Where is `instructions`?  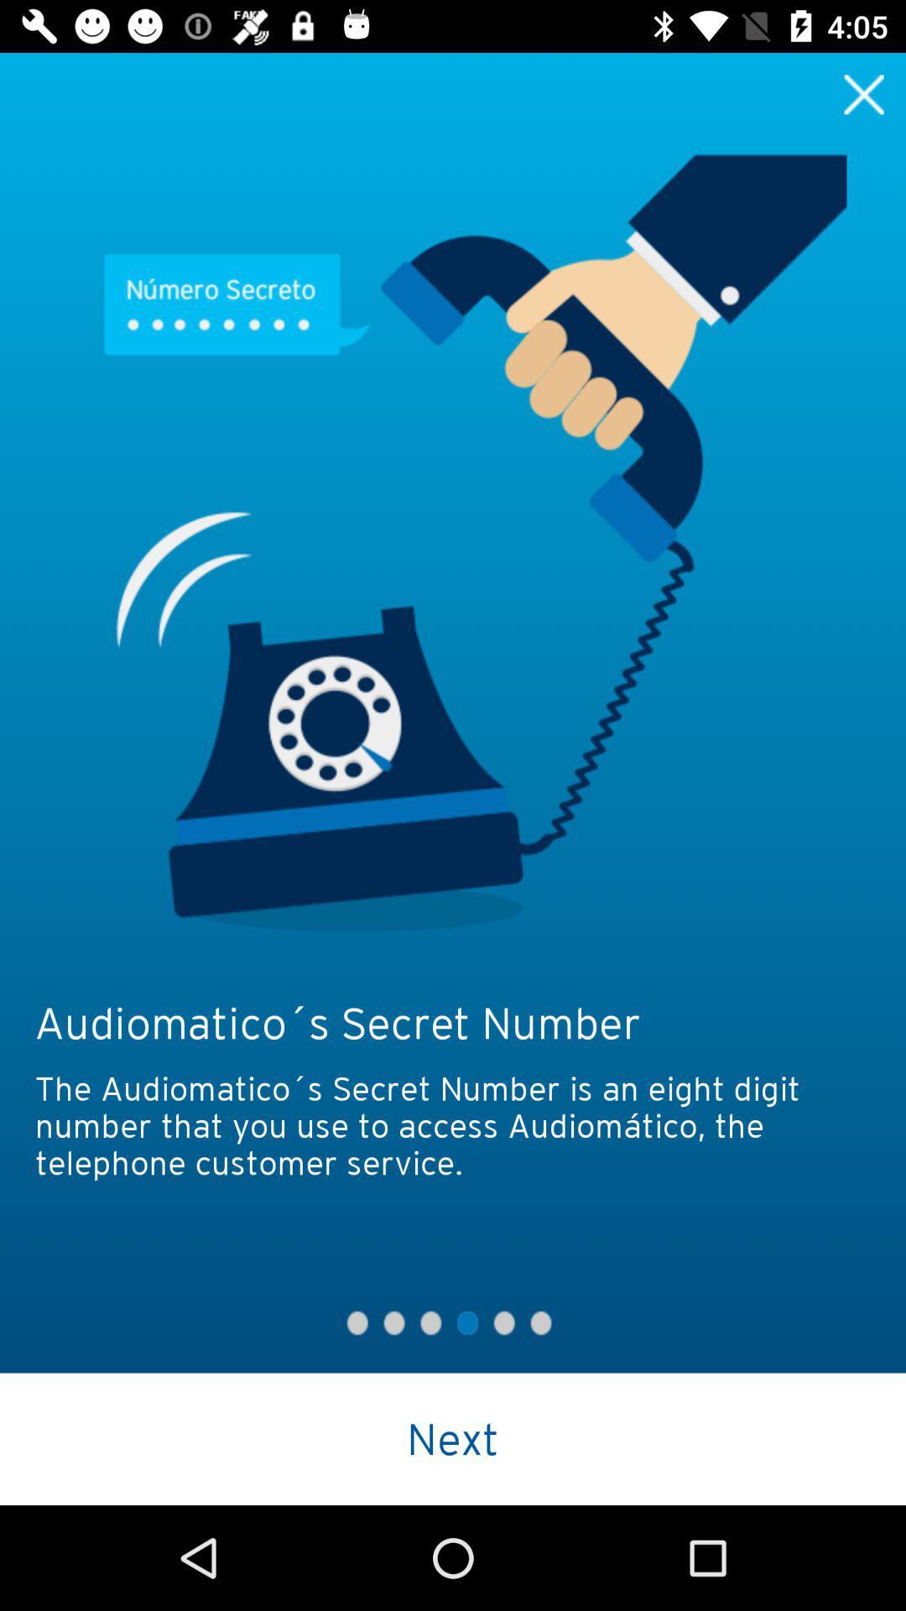
instructions is located at coordinates (864, 93).